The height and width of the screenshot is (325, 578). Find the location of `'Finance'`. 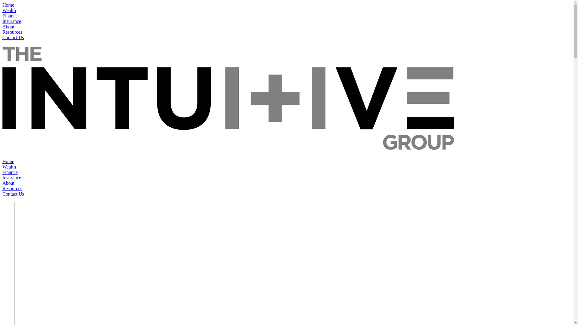

'Finance' is located at coordinates (10, 172).